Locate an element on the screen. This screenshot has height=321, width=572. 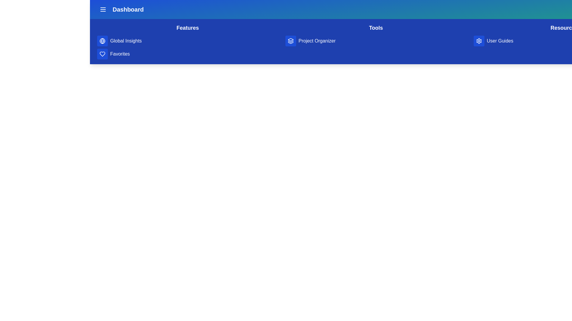
the hamburger menu button located in the top-left corner of the application interface is located at coordinates (103, 9).